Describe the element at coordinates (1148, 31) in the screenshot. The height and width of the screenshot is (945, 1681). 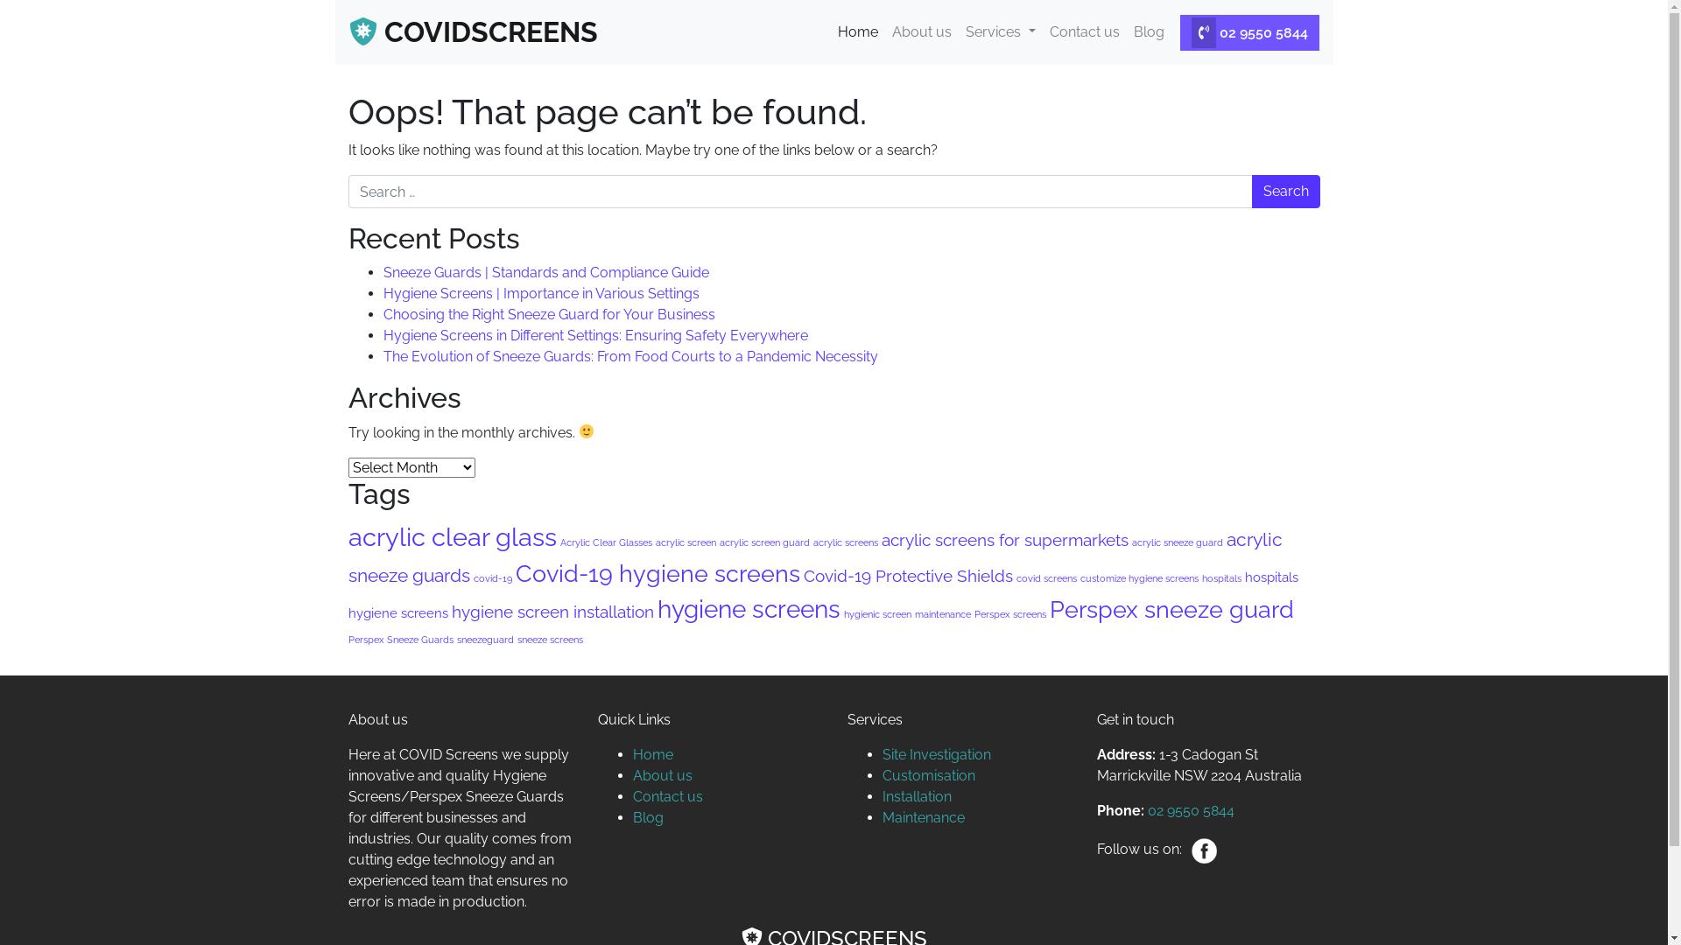
I see `'Blog'` at that location.